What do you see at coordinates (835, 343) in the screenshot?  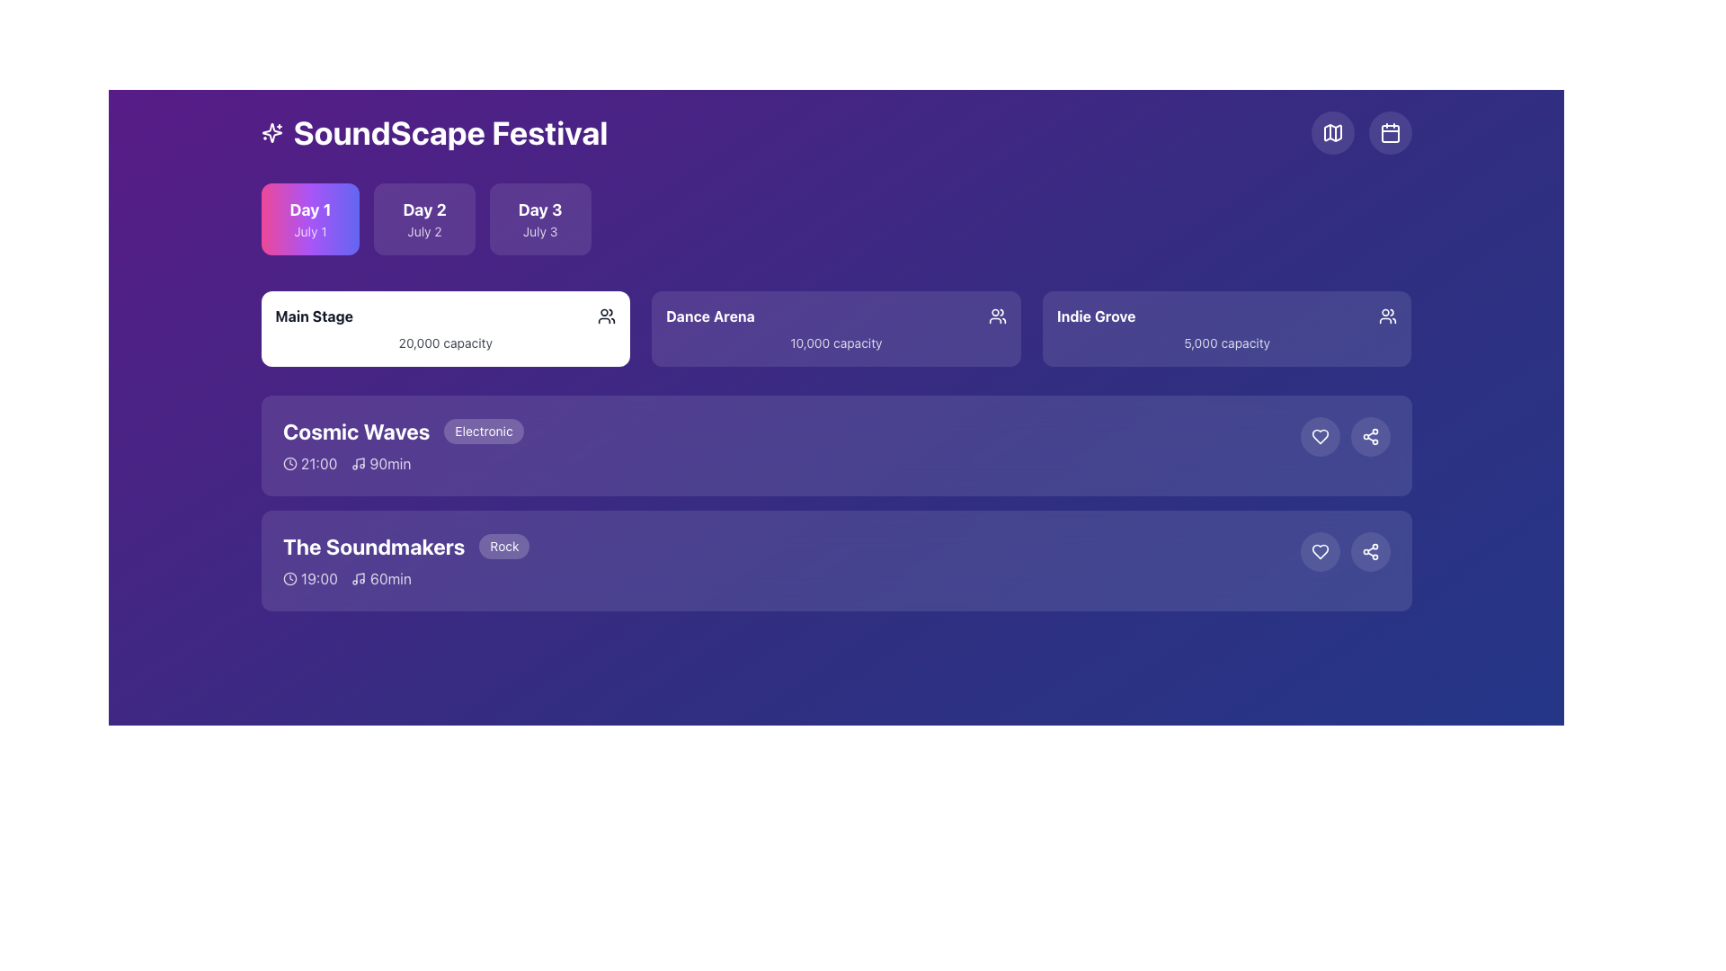 I see `the informational text label indicating the audience capacity for the 'Dance Arena' section, which is located at the center of the 'Dance Arena' card, directly below the title text` at bounding box center [835, 343].